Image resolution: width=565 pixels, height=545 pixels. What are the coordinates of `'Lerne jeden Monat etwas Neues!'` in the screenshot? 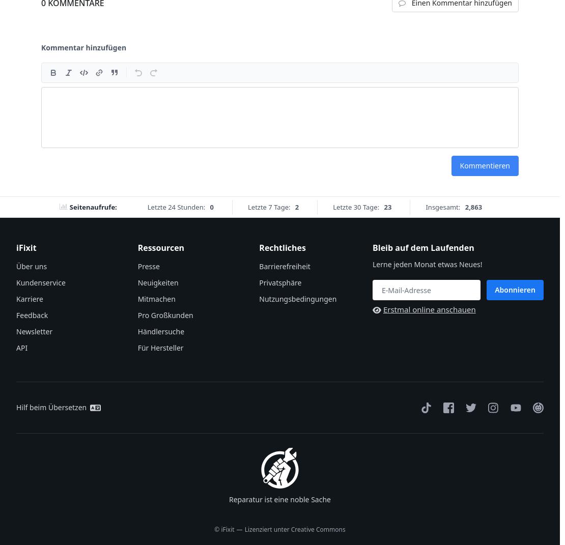 It's located at (372, 264).